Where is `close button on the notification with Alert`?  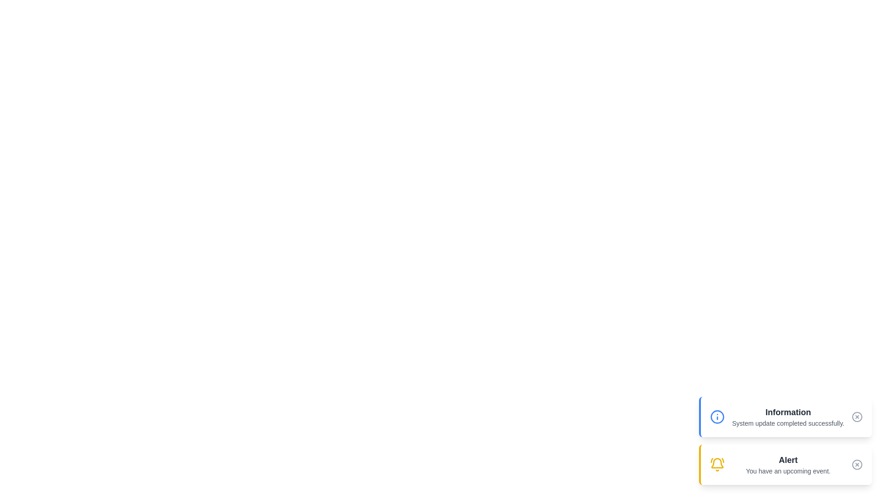 close button on the notification with Alert is located at coordinates (856, 464).